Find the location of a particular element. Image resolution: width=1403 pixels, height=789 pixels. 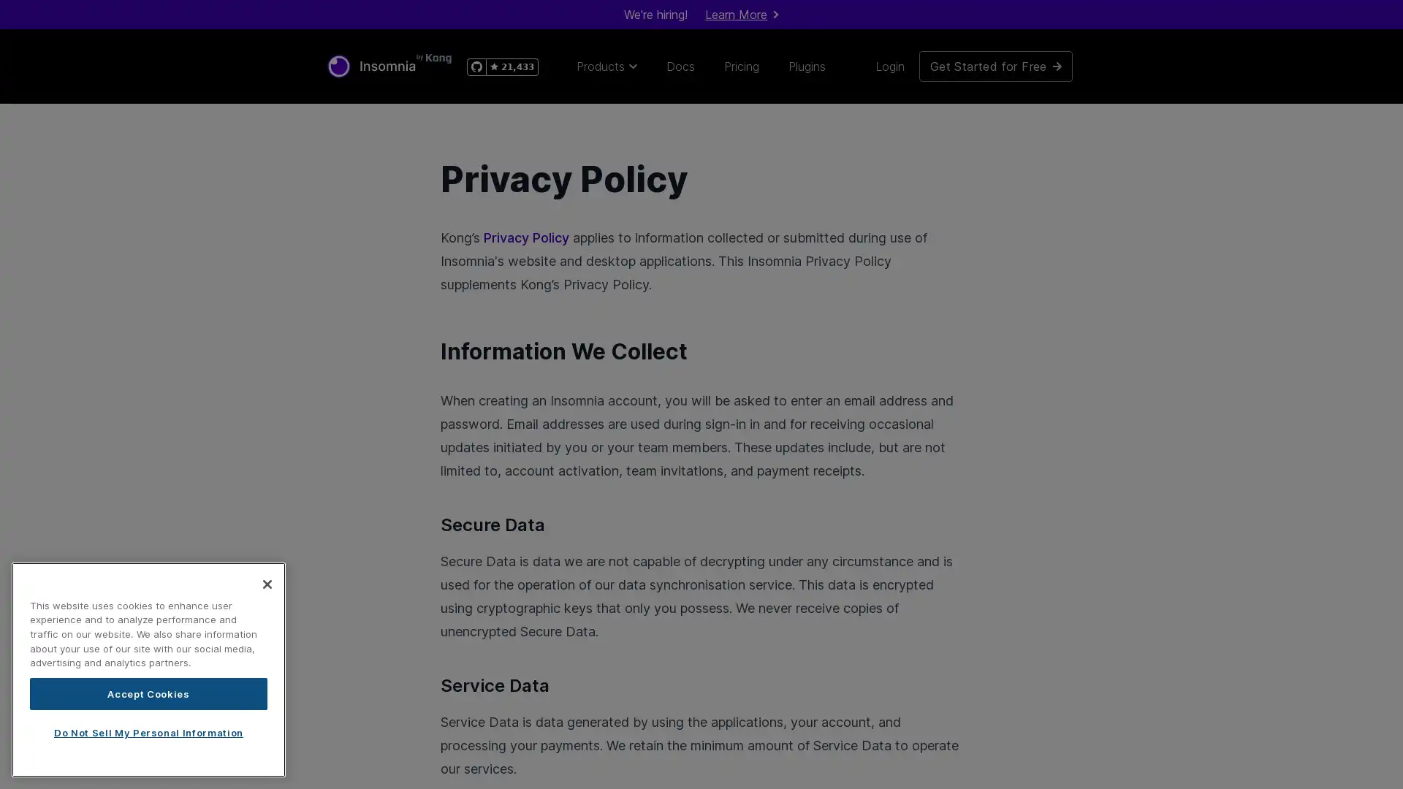

Close is located at coordinates (267, 582).